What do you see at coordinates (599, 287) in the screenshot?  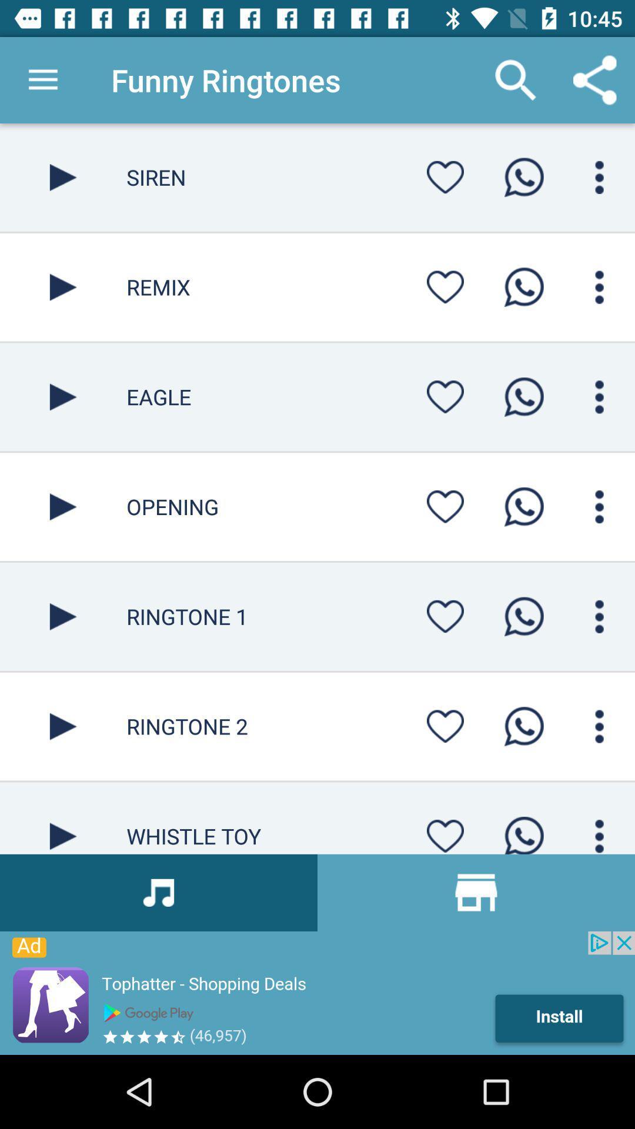 I see `choose more option` at bounding box center [599, 287].